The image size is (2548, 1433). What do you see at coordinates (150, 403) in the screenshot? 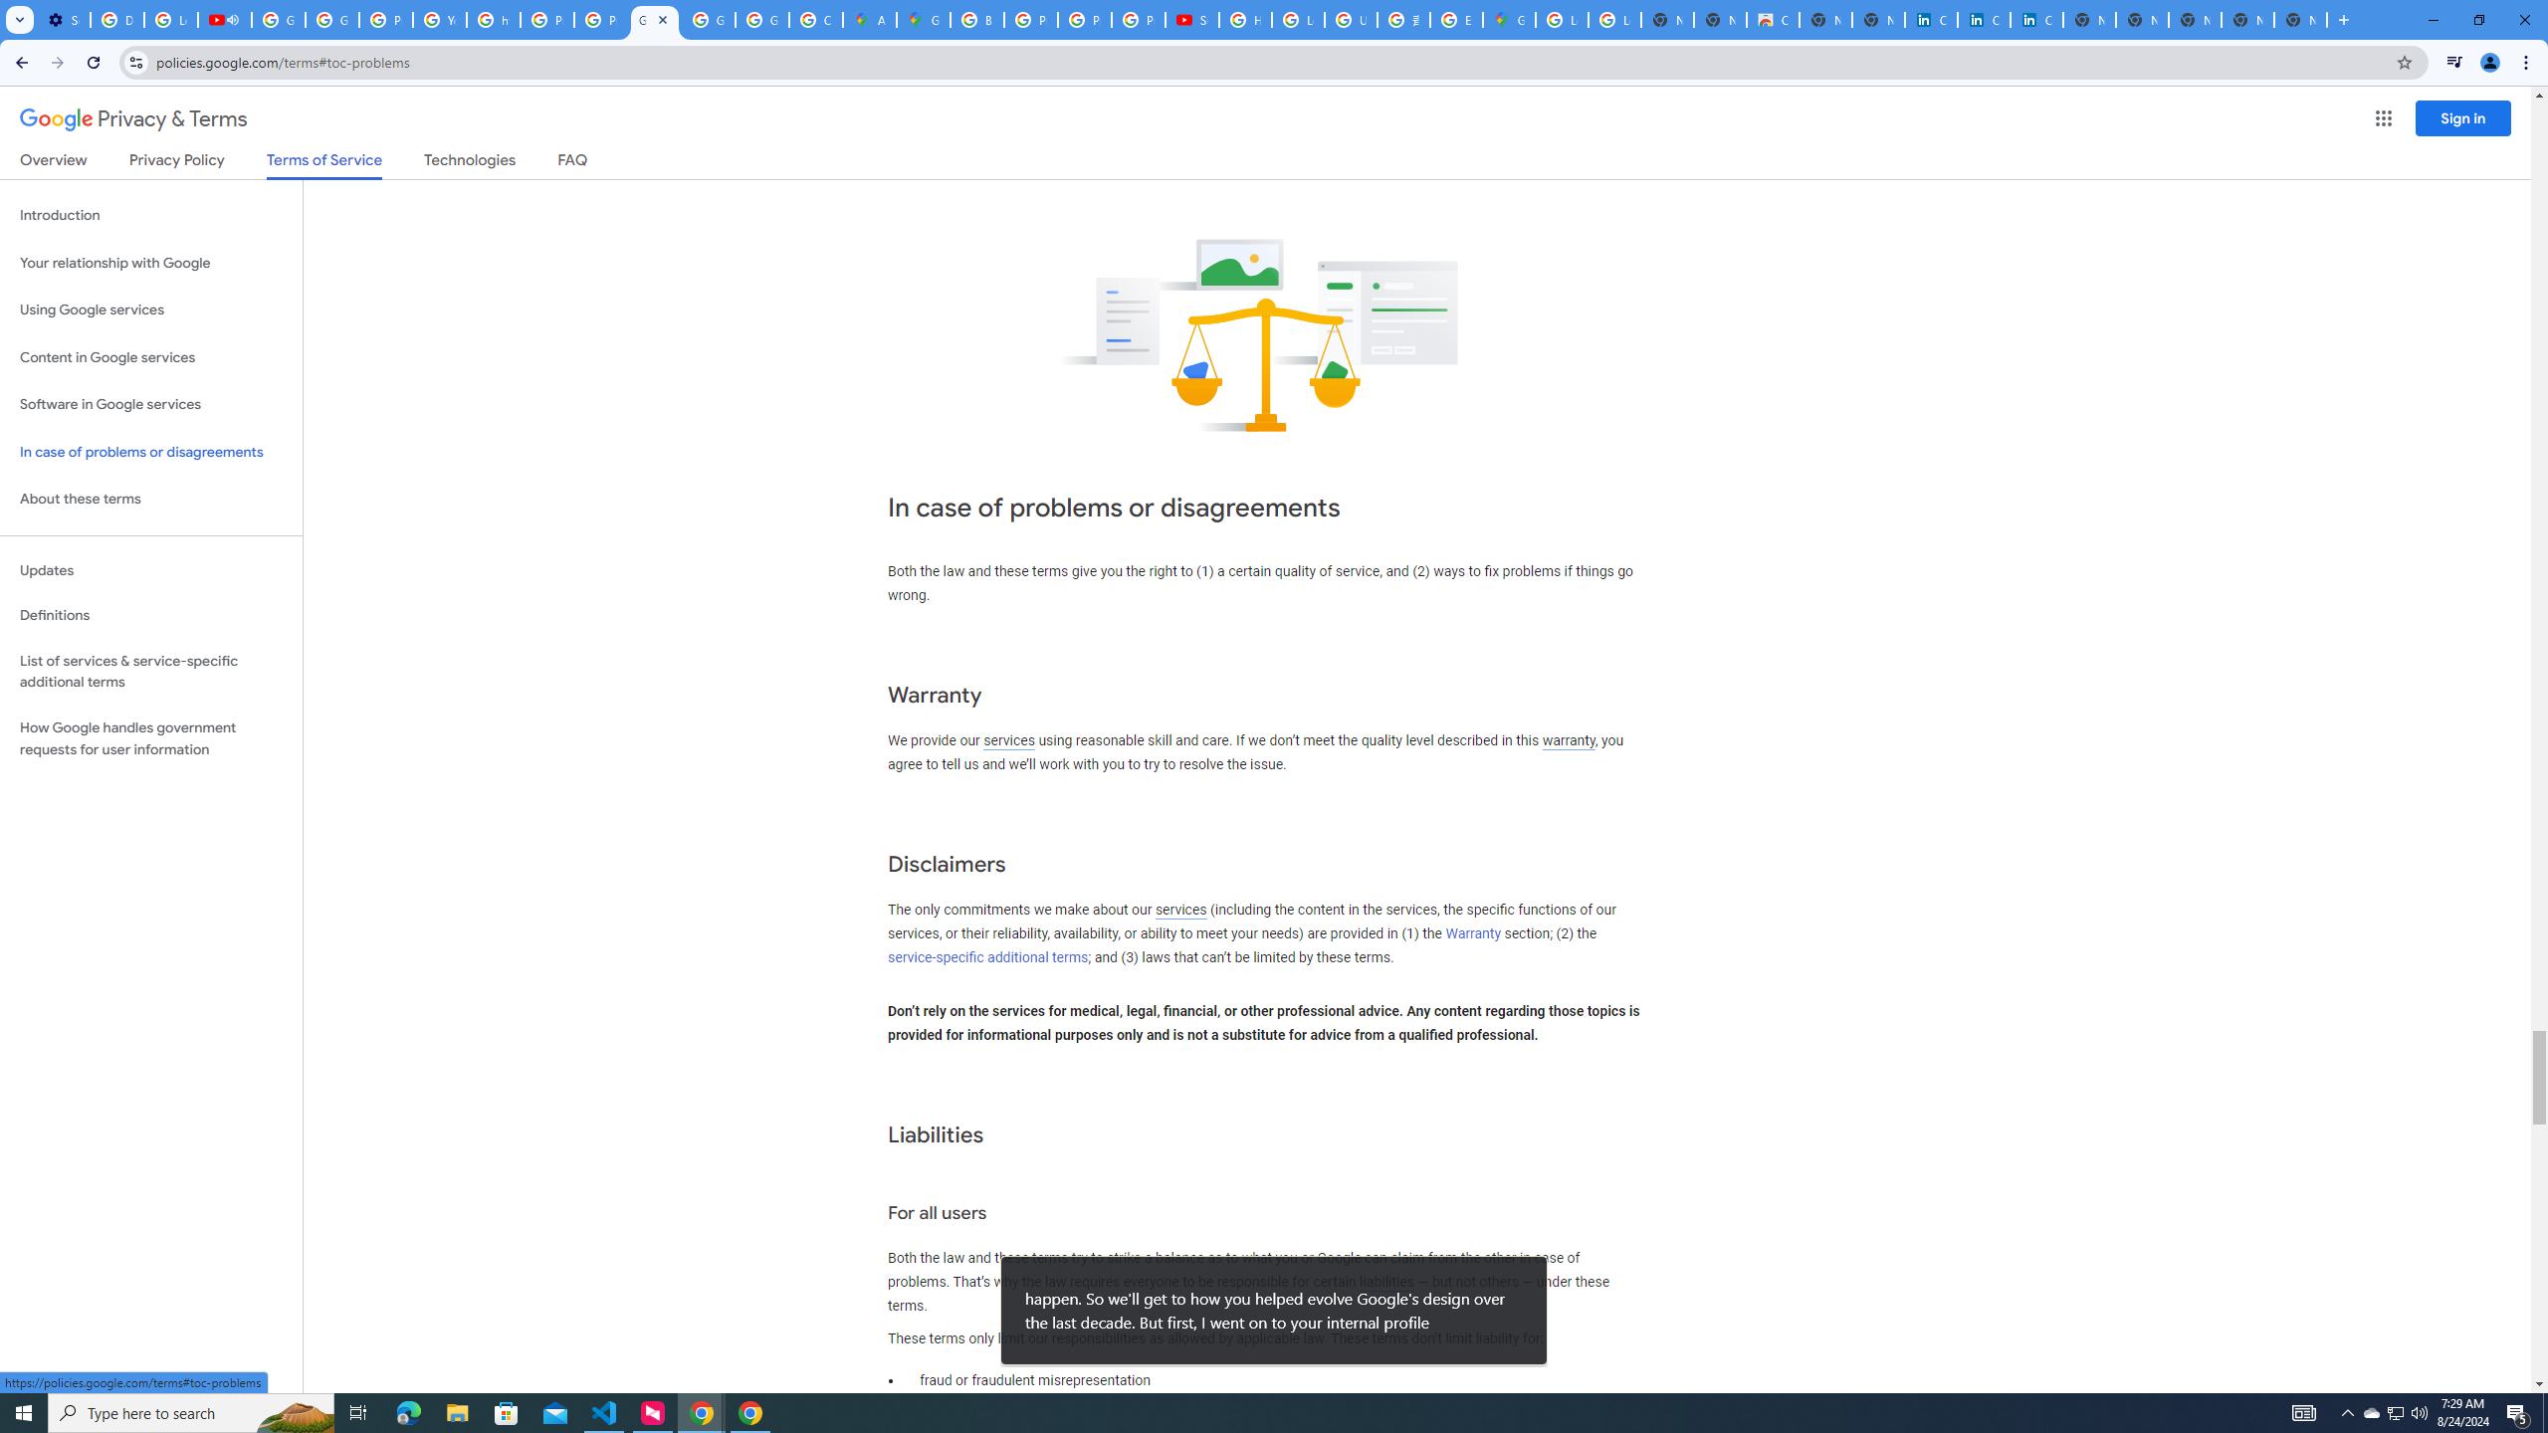
I see `'Software in Google services'` at bounding box center [150, 403].